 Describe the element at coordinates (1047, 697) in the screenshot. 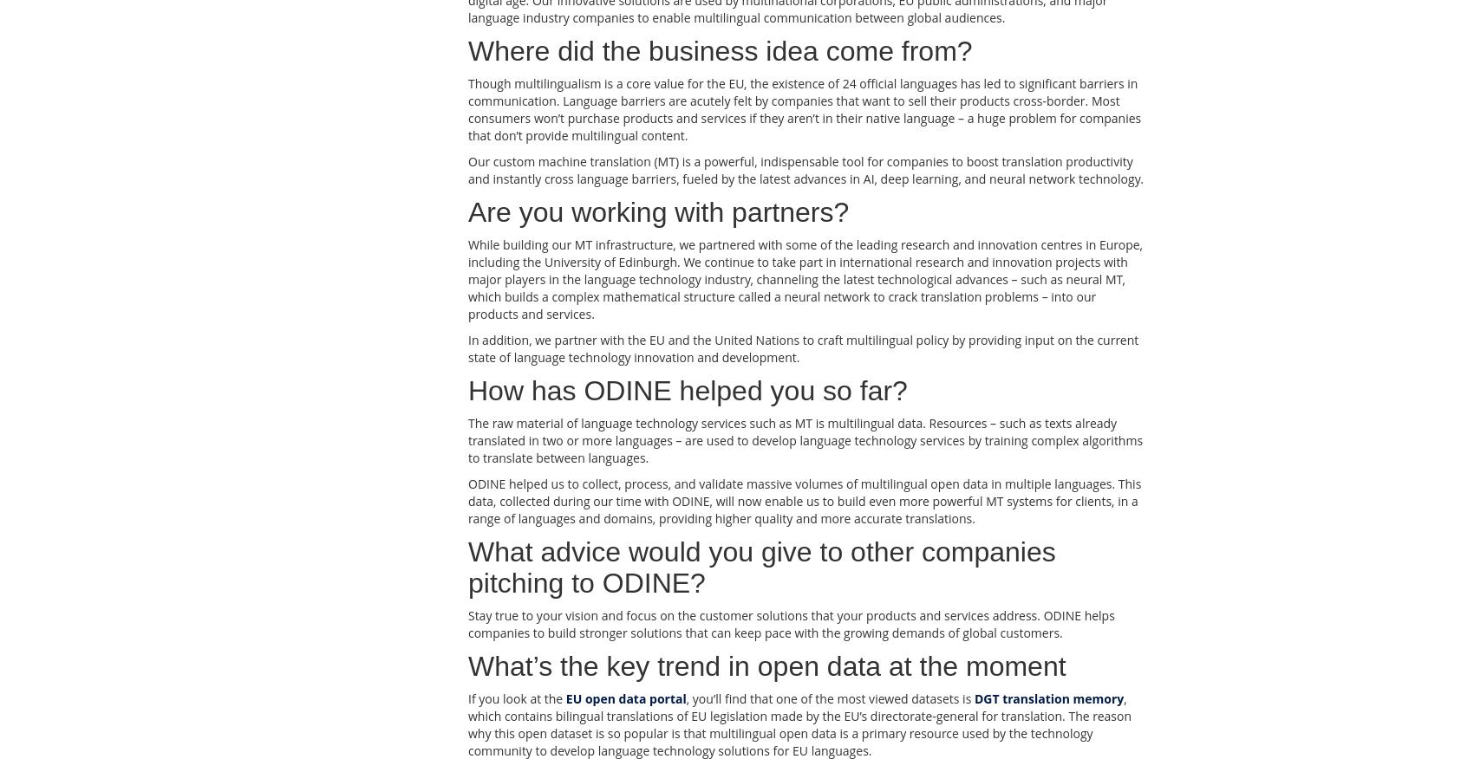

I see `'DGT translation memory'` at that location.